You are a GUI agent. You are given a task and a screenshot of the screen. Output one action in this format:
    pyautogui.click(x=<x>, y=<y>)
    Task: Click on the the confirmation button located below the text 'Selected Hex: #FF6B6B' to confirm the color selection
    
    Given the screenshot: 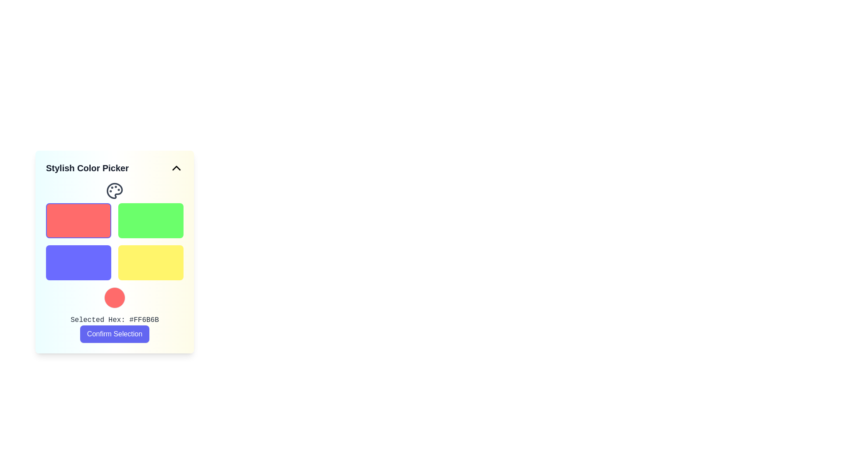 What is the action you would take?
    pyautogui.click(x=114, y=334)
    